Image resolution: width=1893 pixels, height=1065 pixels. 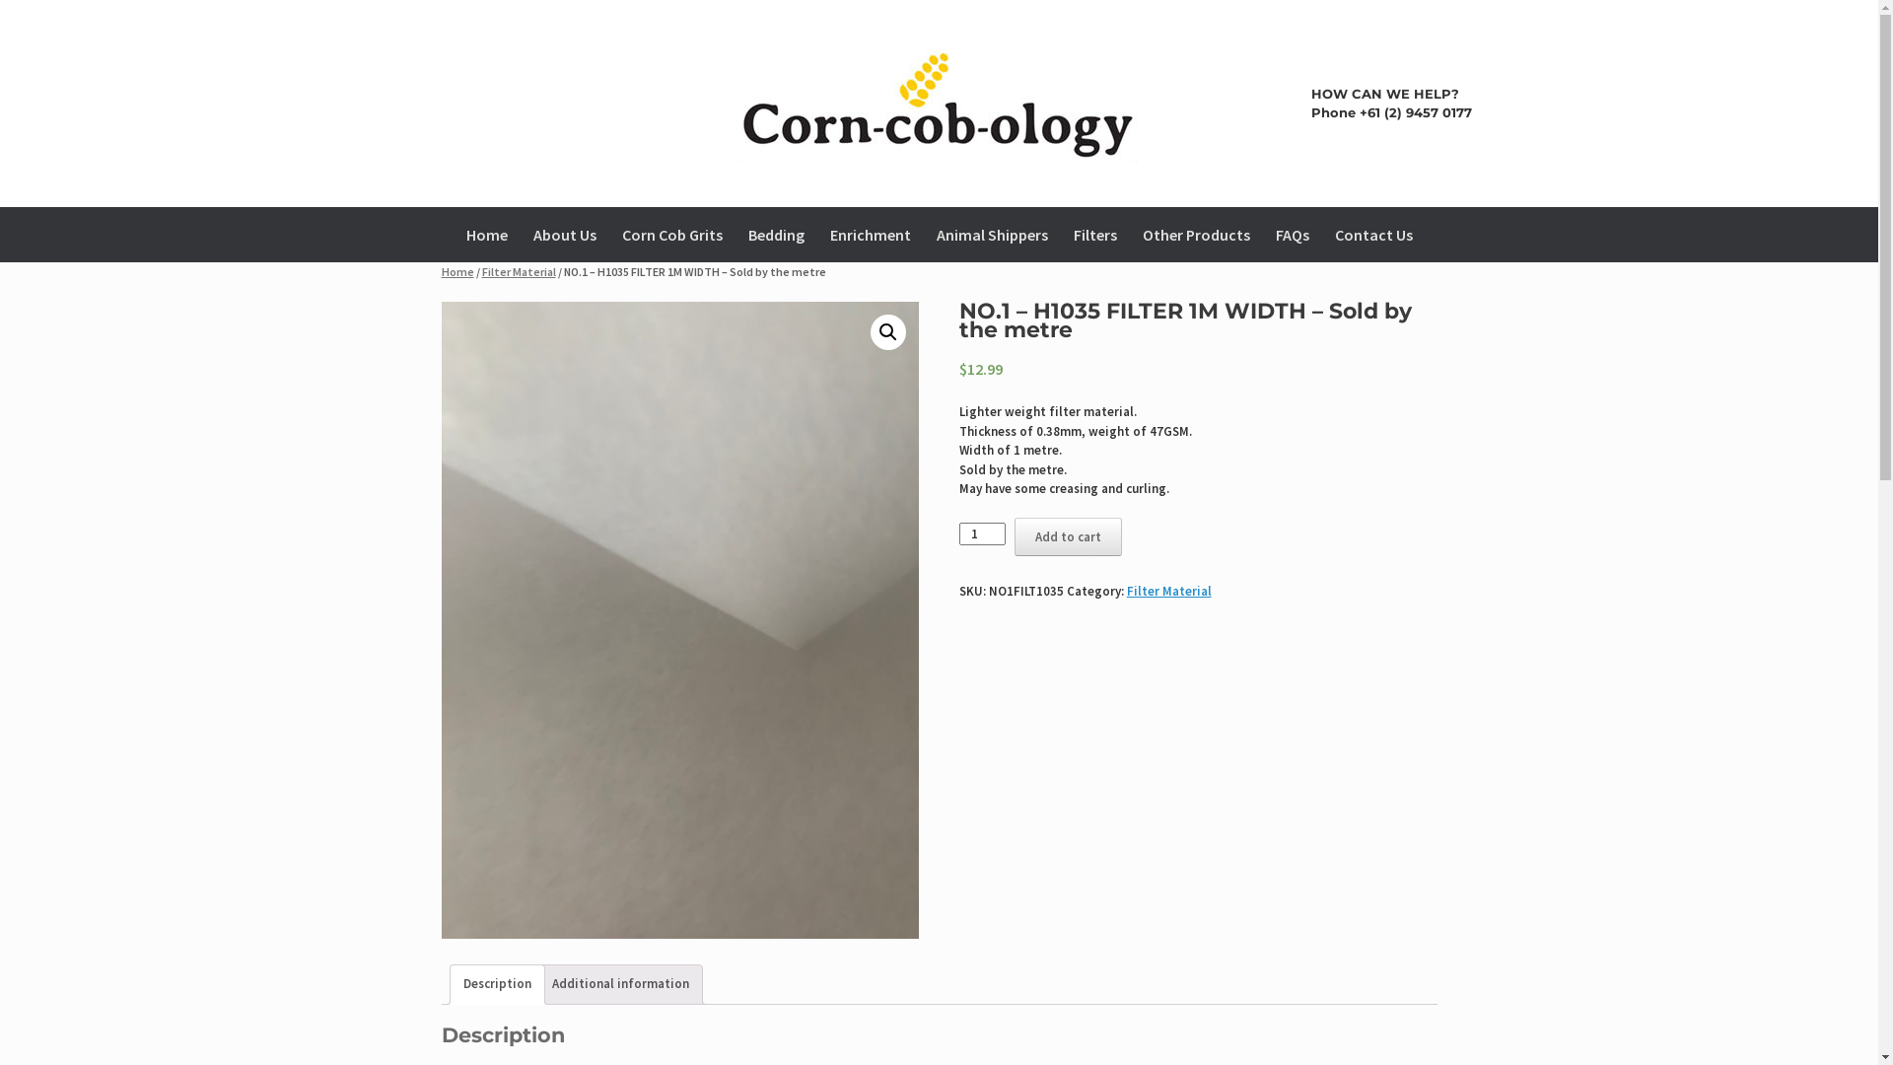 What do you see at coordinates (775, 234) in the screenshot?
I see `'Bedding'` at bounding box center [775, 234].